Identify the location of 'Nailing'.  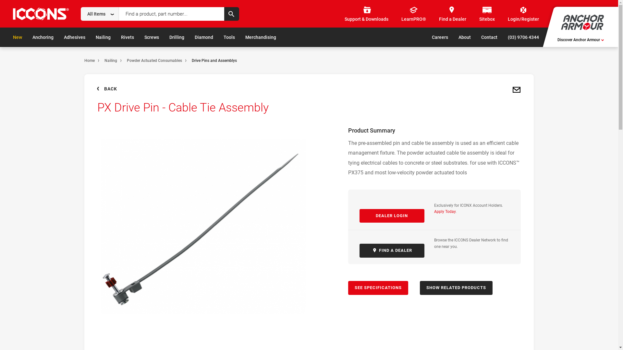
(111, 60).